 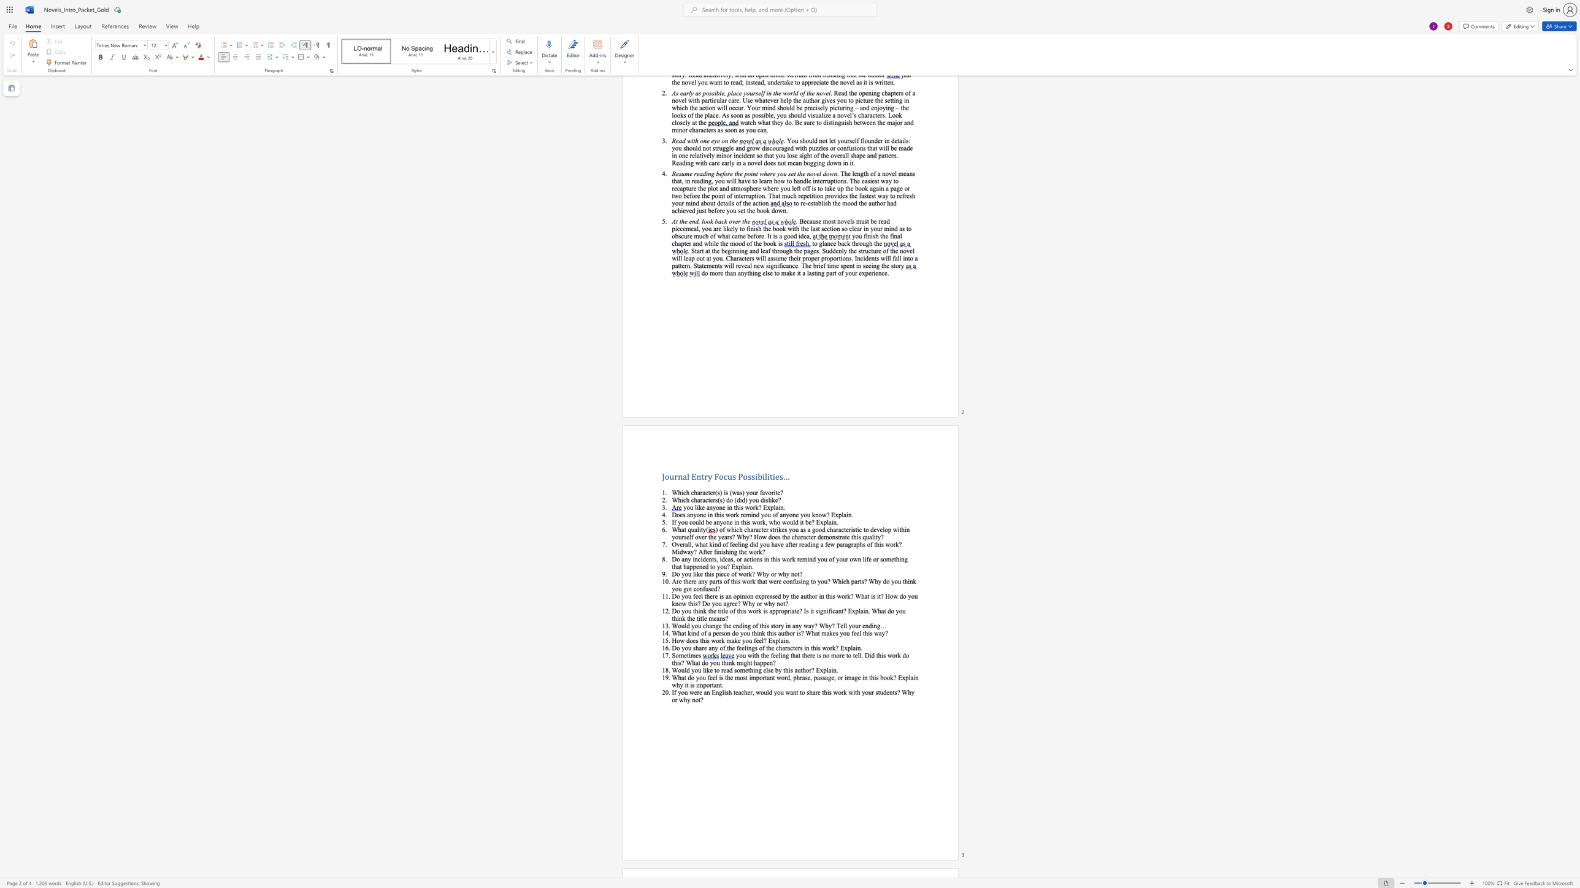 I want to click on the subset text "hy not" within the text "If you were an English teacher, would you want to share this work with your students? Why or why not?", so click(x=683, y=699).